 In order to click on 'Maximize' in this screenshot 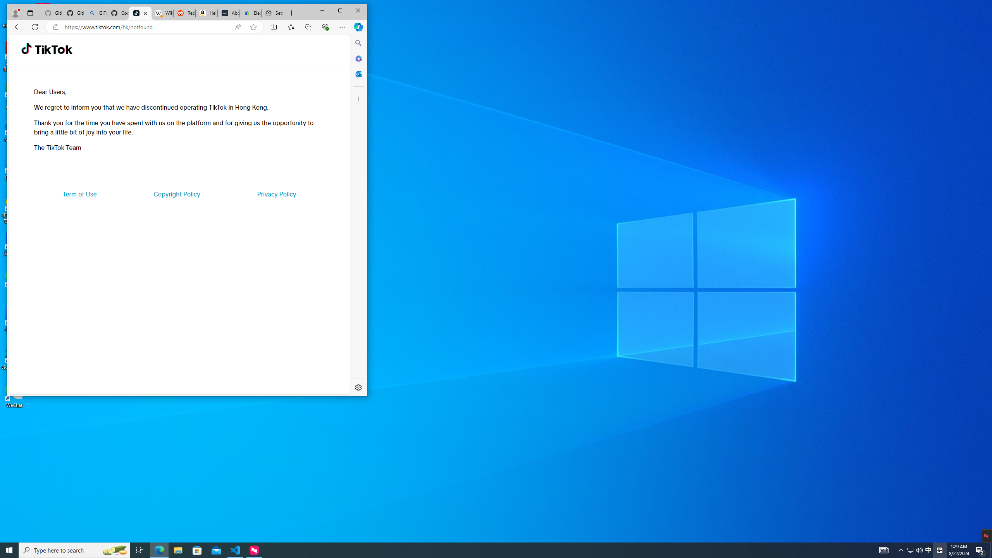, I will do `click(340, 10)`.